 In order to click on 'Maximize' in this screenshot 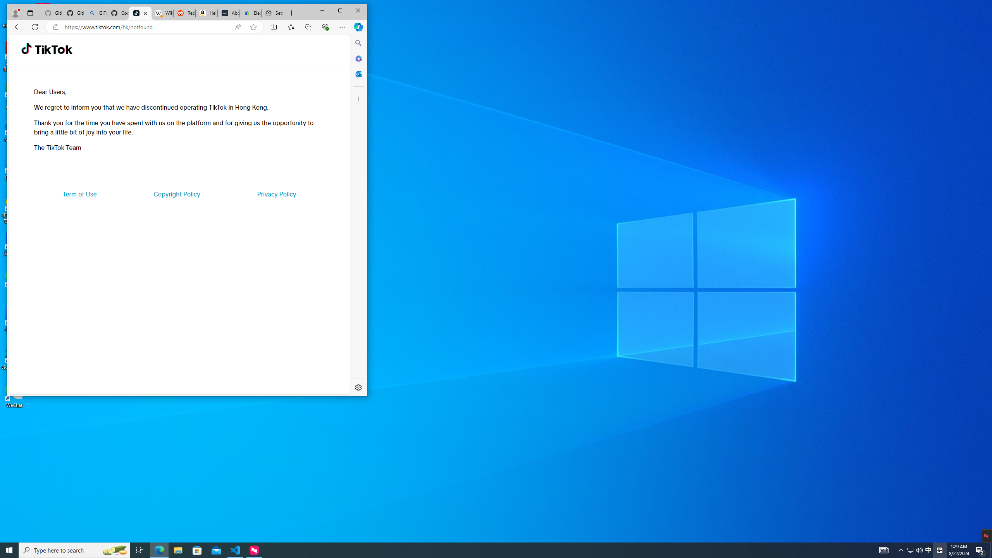, I will do `click(340, 10)`.